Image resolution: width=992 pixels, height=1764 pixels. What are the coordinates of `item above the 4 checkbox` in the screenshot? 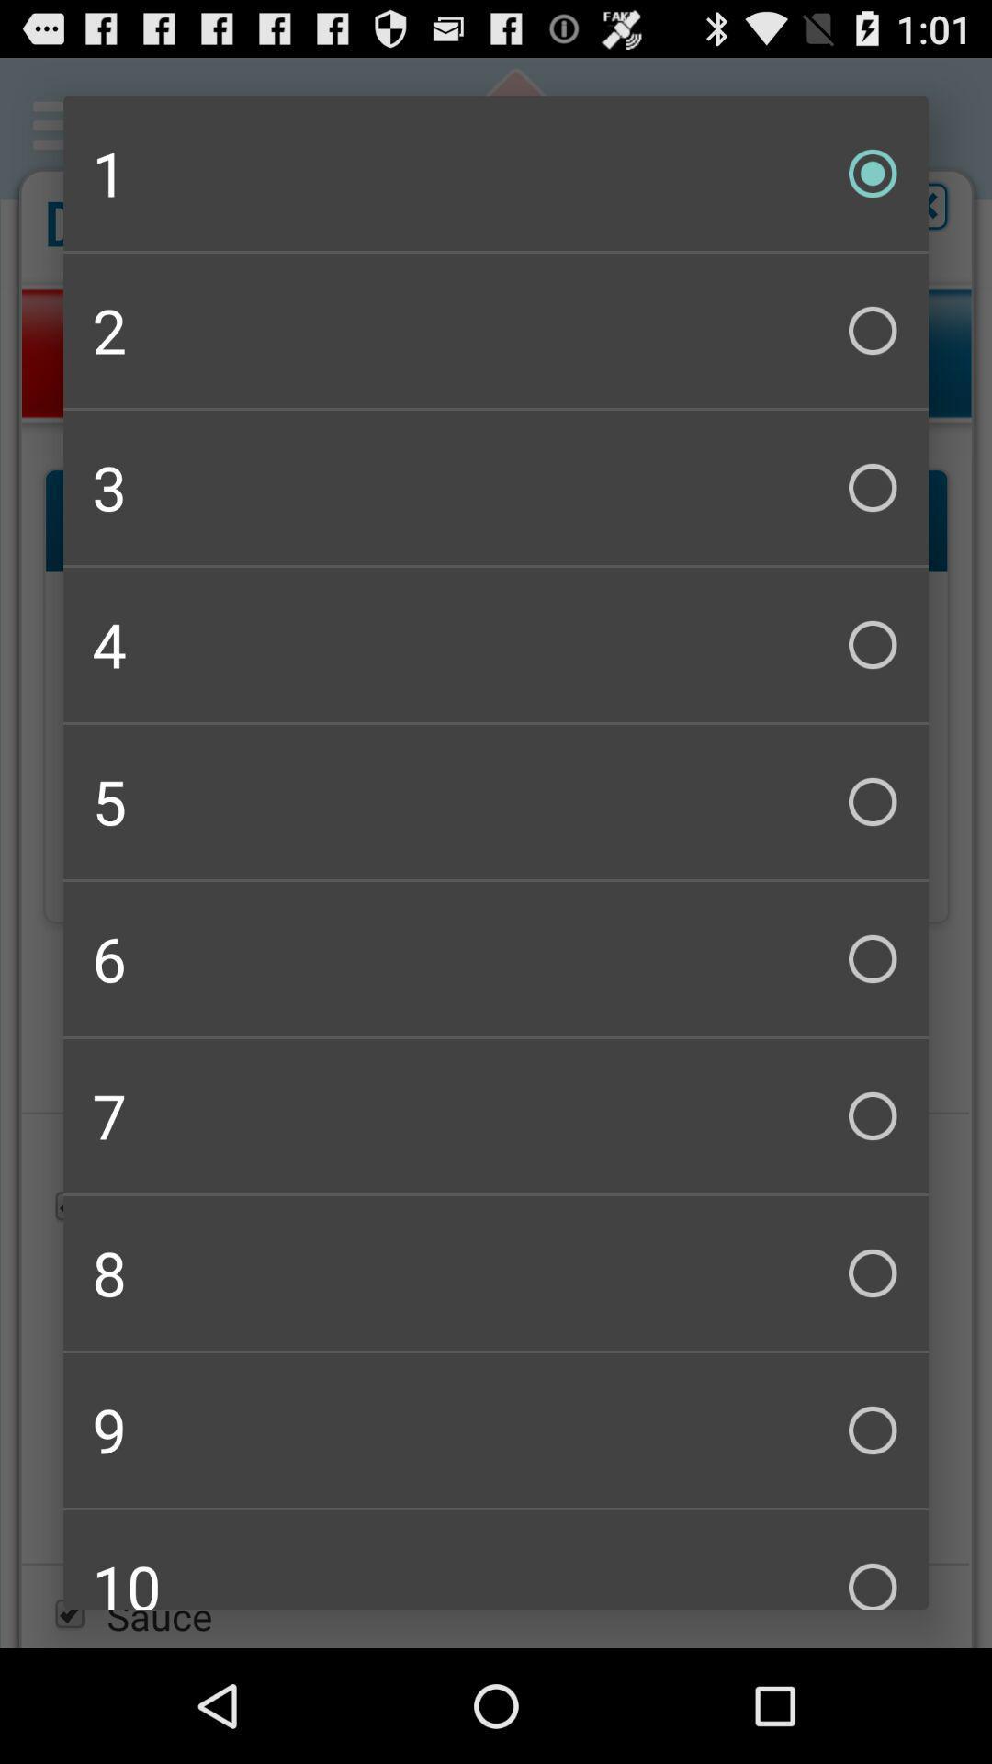 It's located at (496, 488).